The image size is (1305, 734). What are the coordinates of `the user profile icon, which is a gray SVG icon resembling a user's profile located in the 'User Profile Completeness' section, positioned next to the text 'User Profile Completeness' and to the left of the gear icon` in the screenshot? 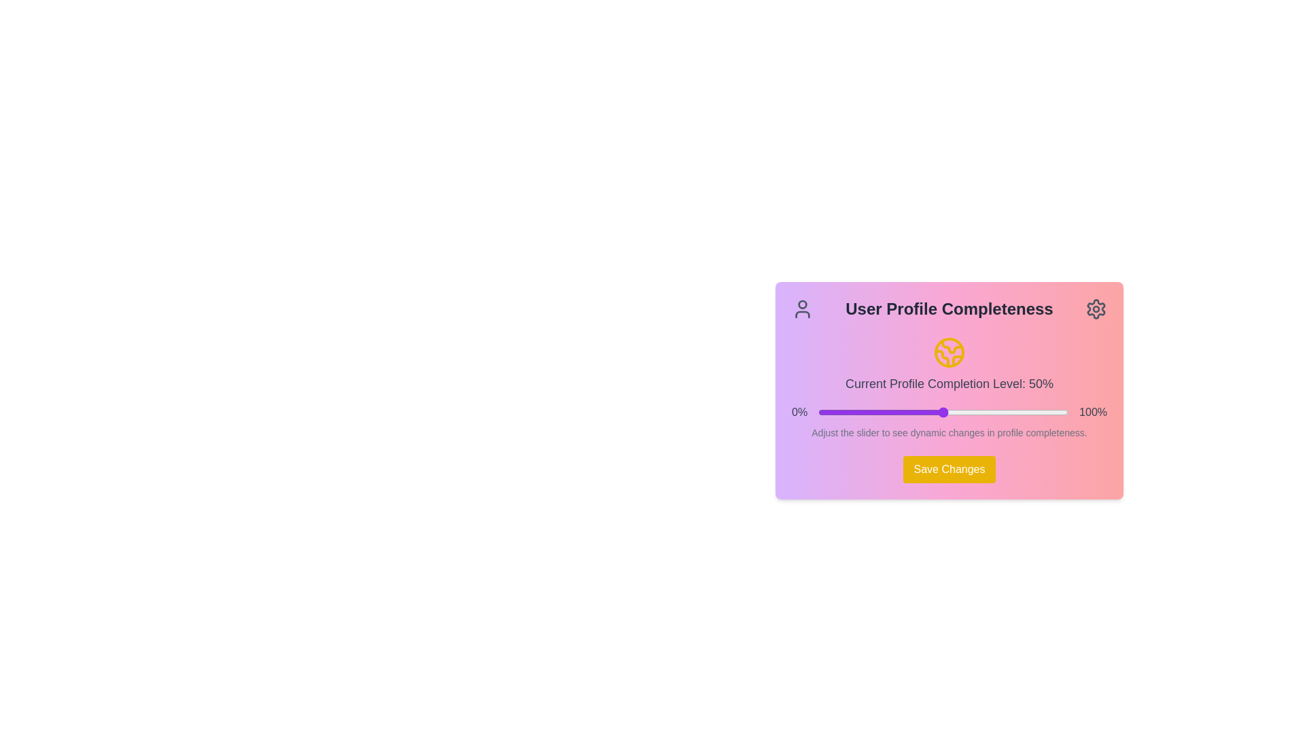 It's located at (802, 309).